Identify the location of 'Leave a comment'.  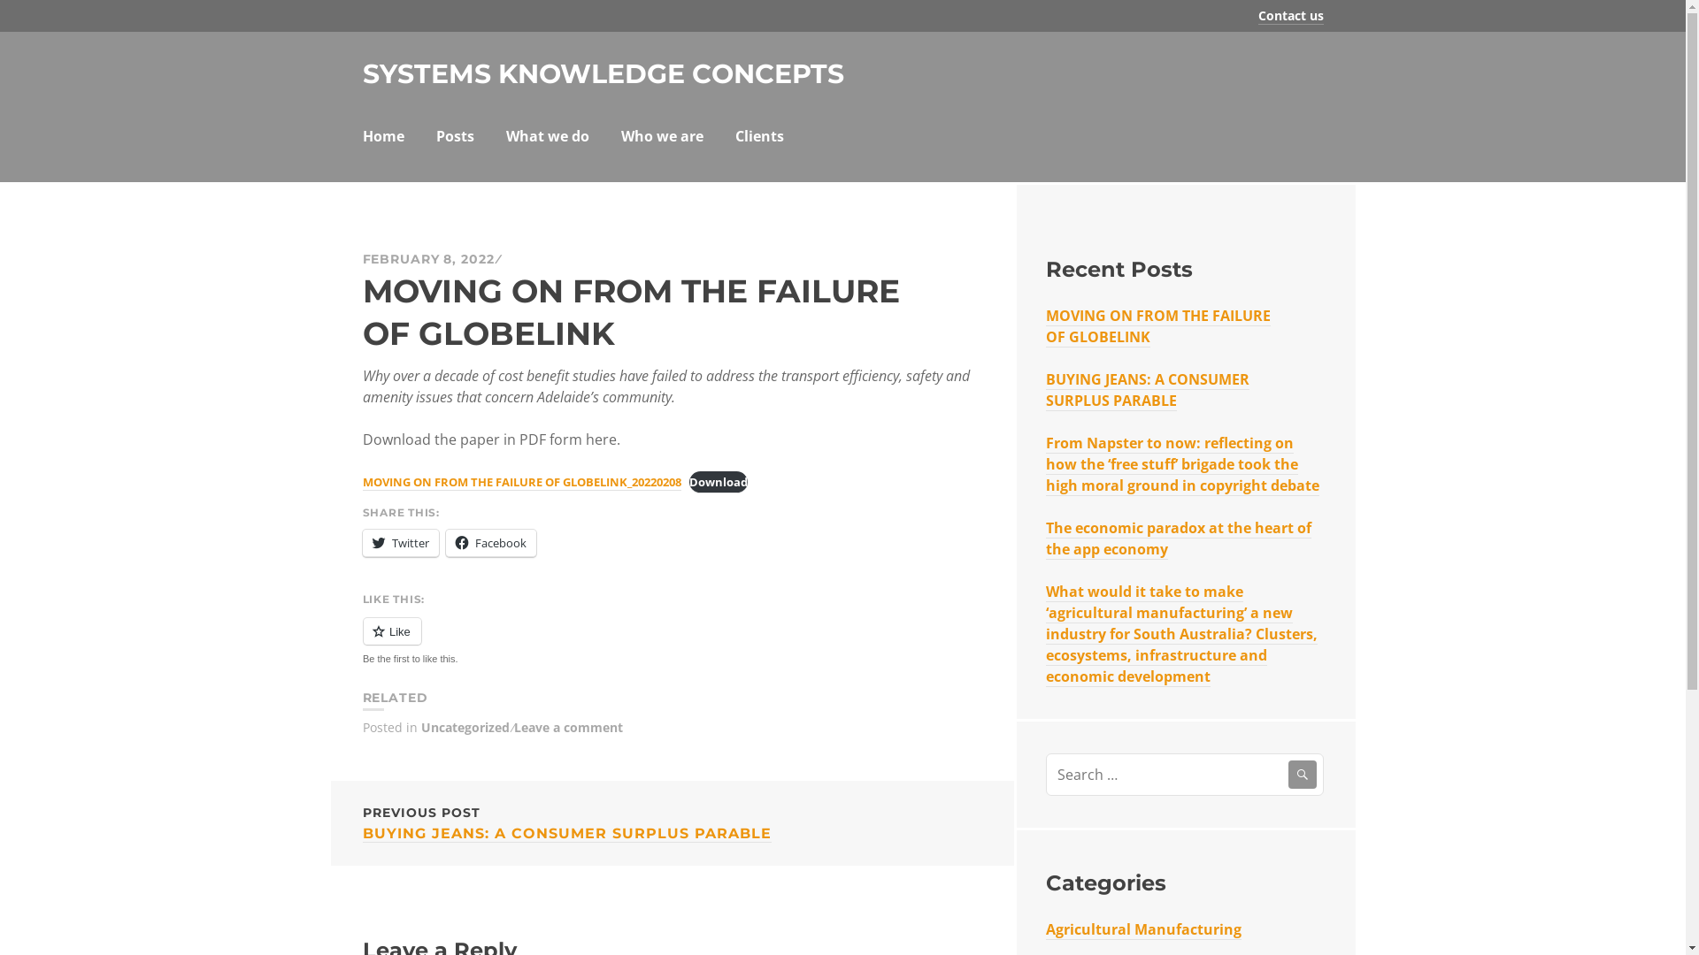
(512, 727).